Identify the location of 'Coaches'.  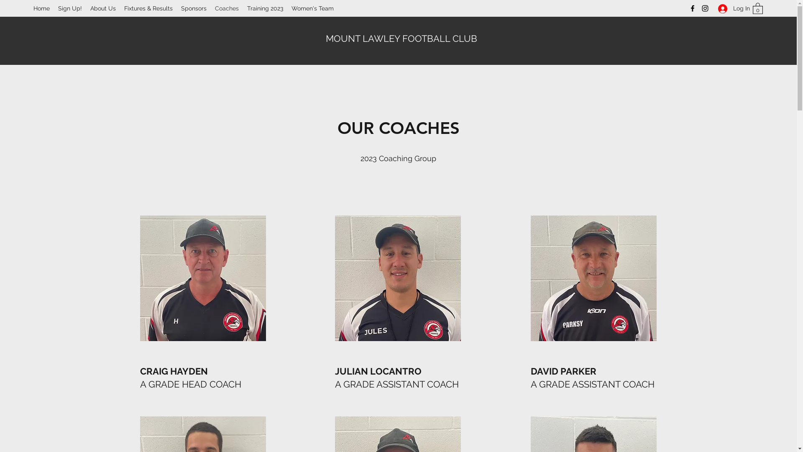
(211, 8).